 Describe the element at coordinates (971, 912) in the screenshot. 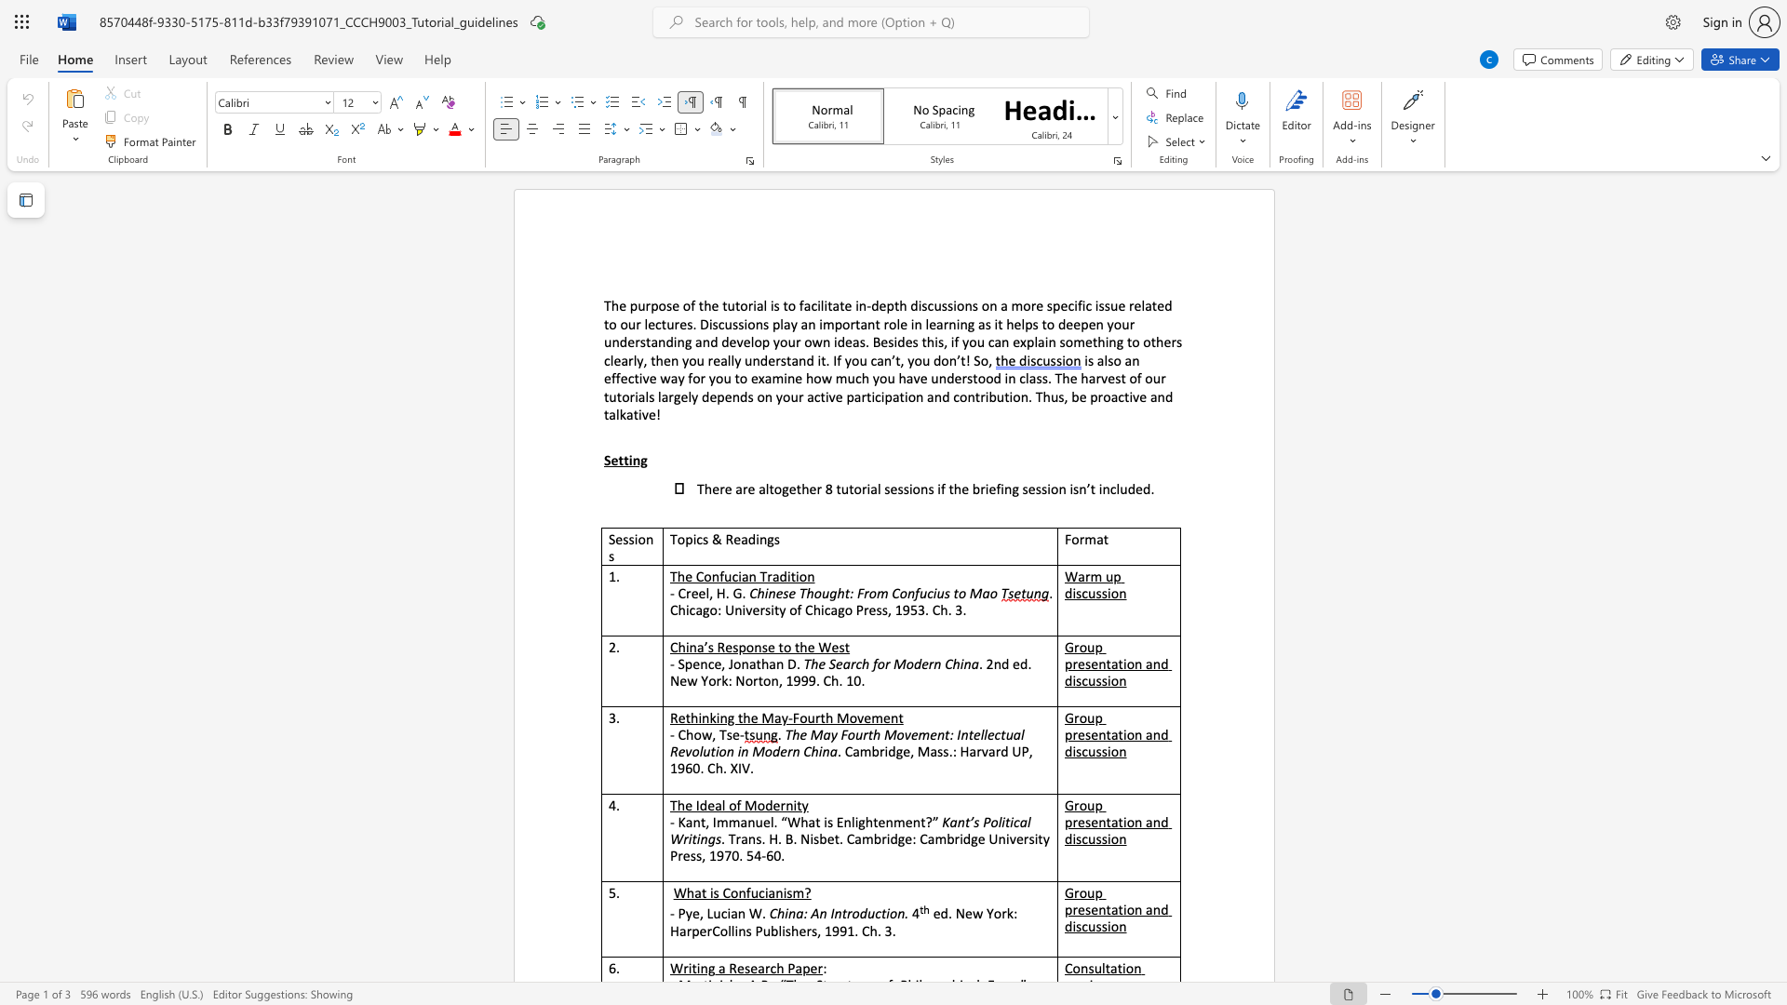

I see `the subset text "w York" within the text "ed. New York:"` at that location.